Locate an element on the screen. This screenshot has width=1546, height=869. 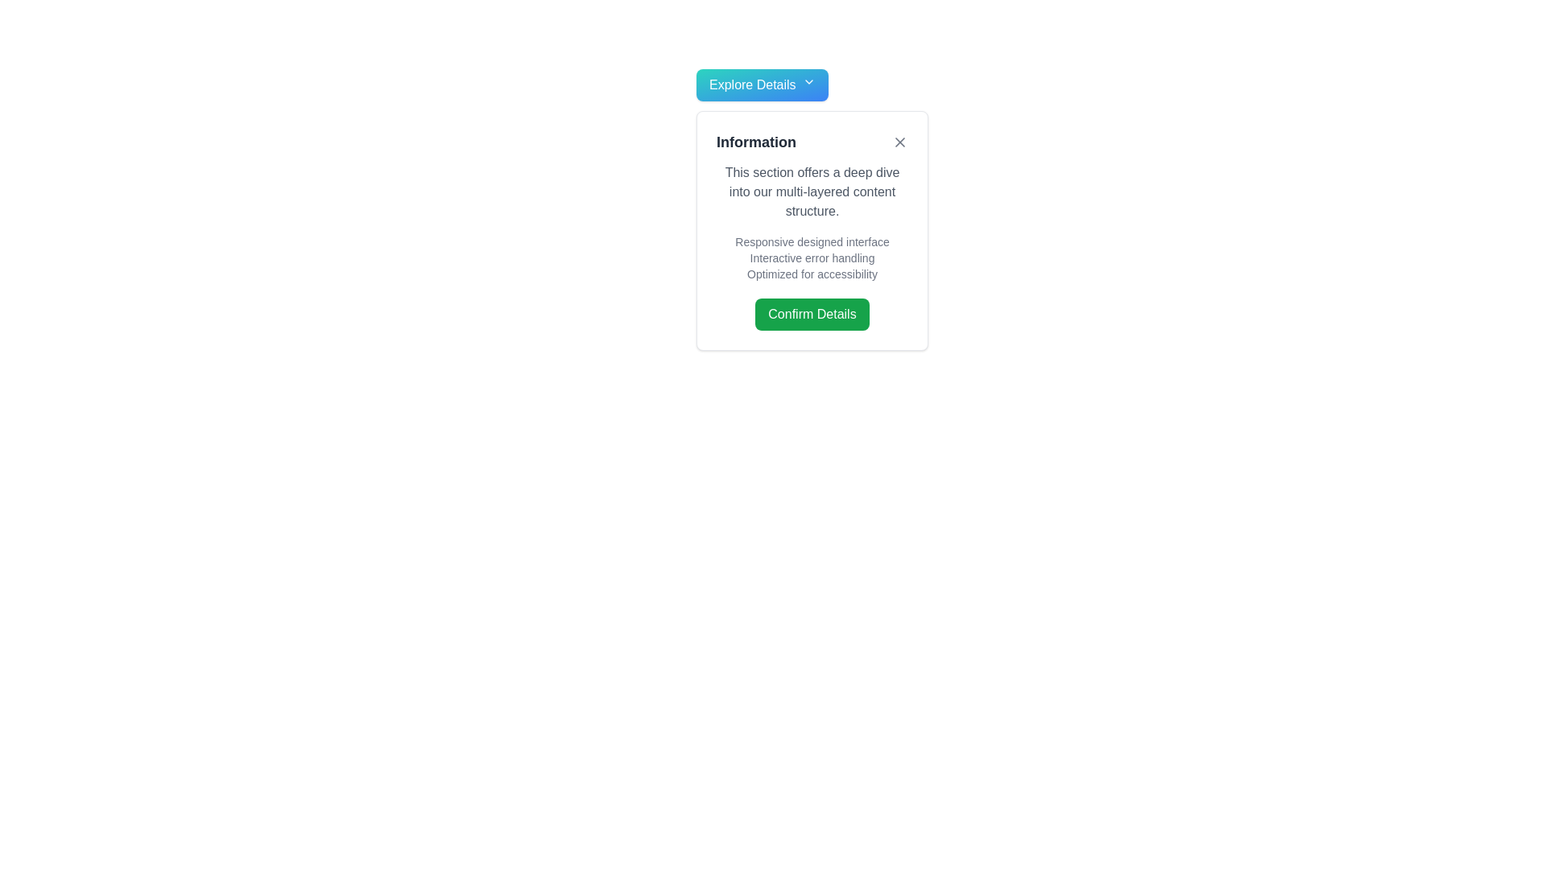
the vertically-stacked text items containing 'Responsive designed interface', 'Interactive error handling', and 'Optimized for accessibility', which is located in a white box under the heading 'Information' is located at coordinates (812, 257).